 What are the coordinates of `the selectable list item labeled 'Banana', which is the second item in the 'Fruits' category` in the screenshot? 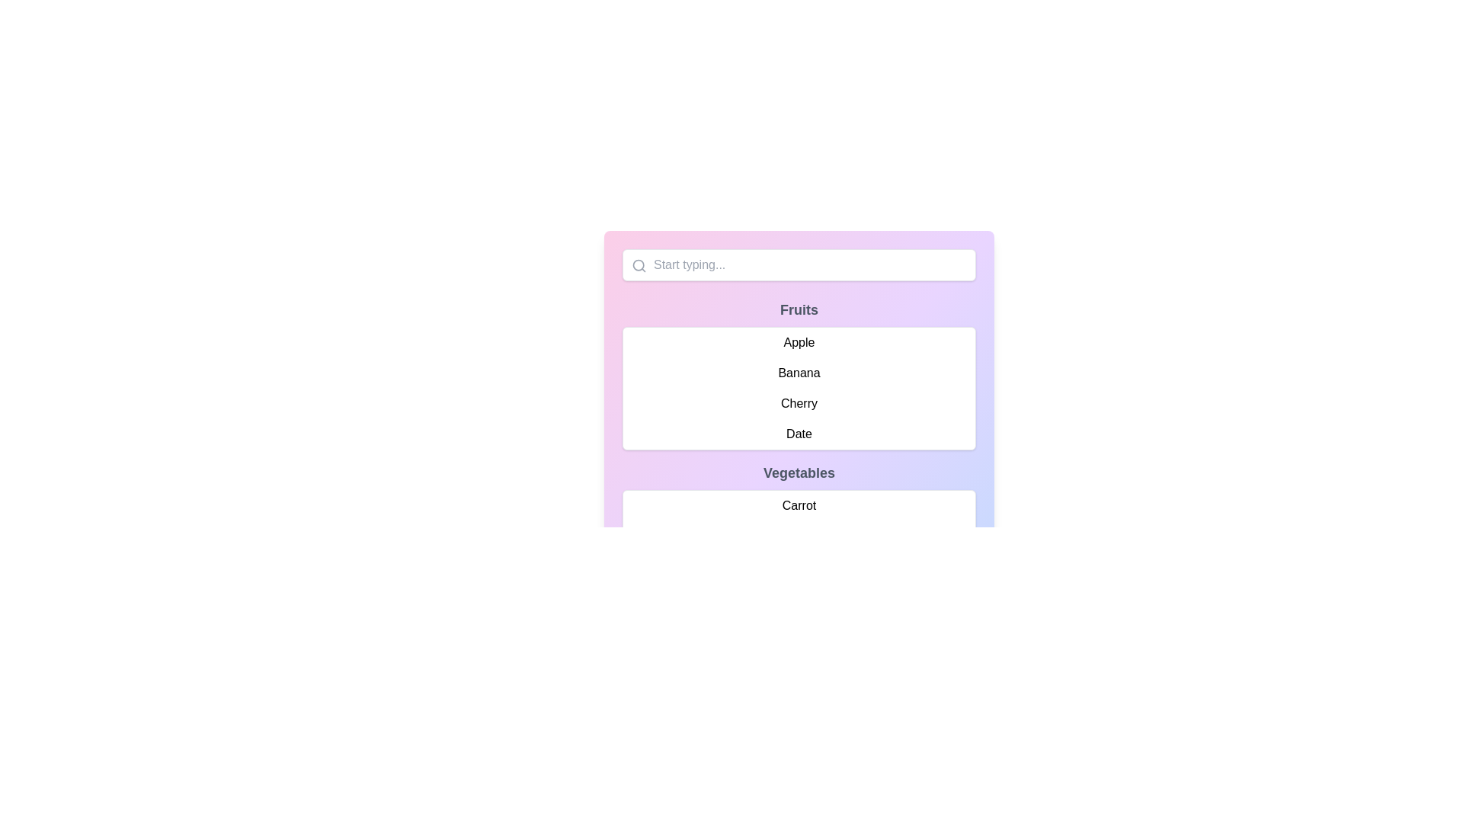 It's located at (799, 375).